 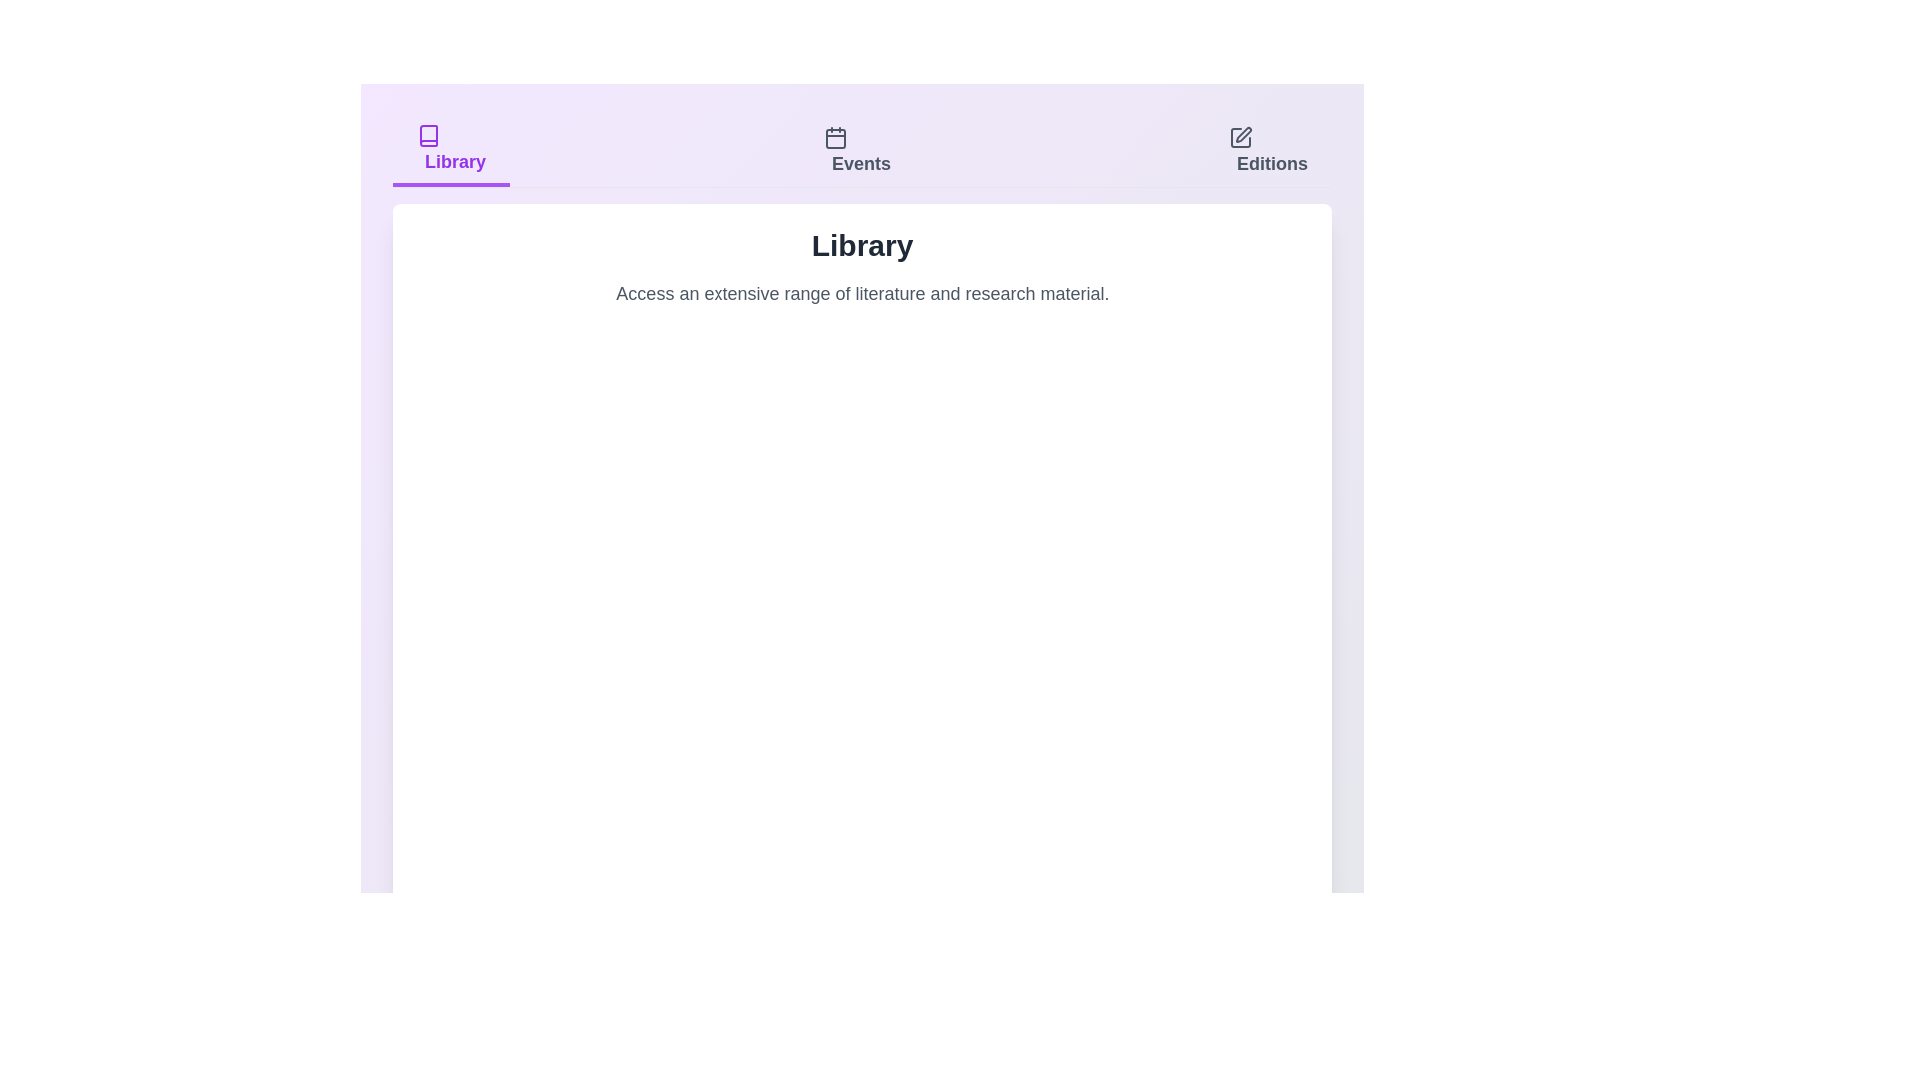 What do you see at coordinates (857, 150) in the screenshot?
I see `the Events tab to change the active tab` at bounding box center [857, 150].